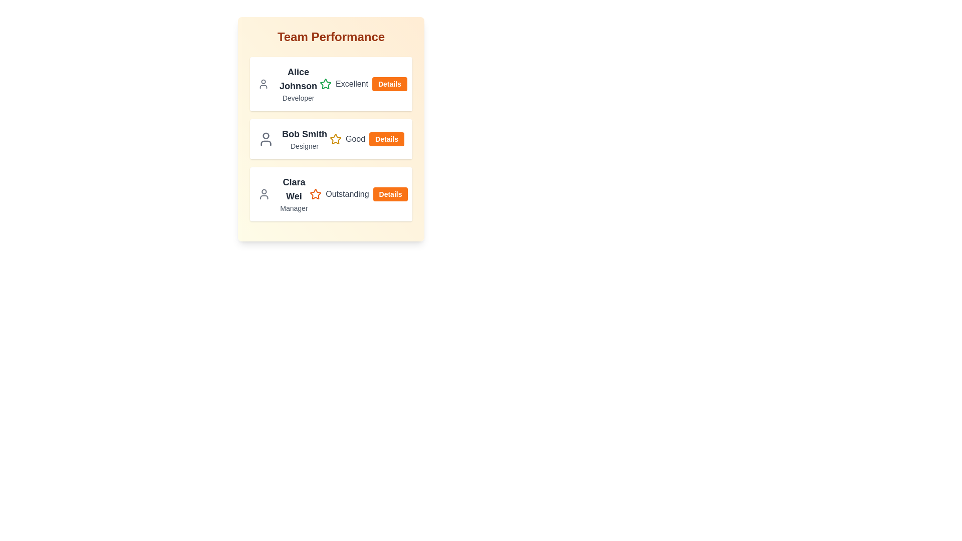 The image size is (962, 541). Describe the element at coordinates (325, 84) in the screenshot. I see `the performance star icon for Alice Johnson` at that location.